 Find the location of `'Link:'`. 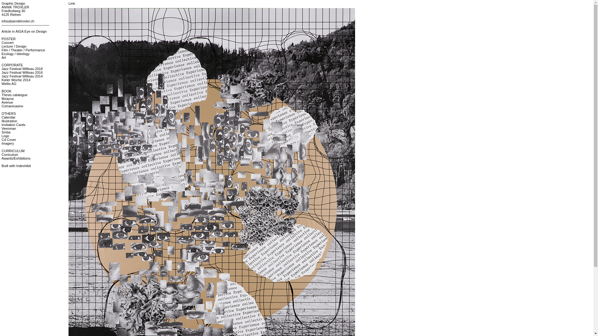

'Link:' is located at coordinates (72, 3).